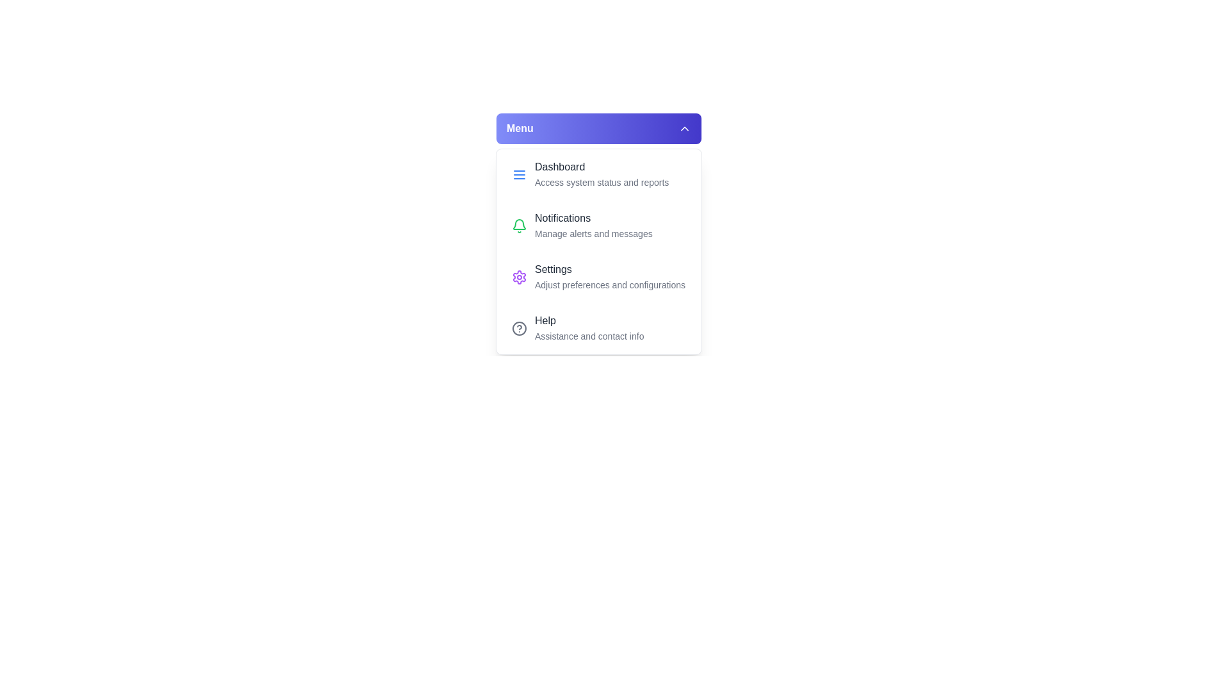  I want to click on the visual details of the 'Dashboard' icon located at the far left of the dropdown menu item group, preceding the textual label 'Dashboard', so click(520, 175).